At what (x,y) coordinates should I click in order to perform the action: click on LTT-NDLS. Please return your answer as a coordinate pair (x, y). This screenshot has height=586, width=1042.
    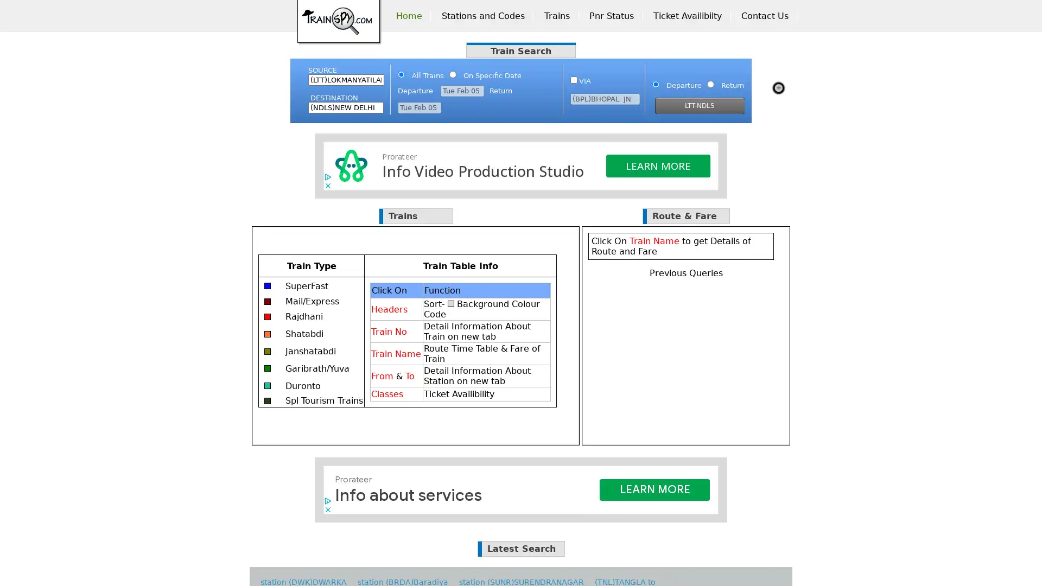
    Looking at the image, I should click on (700, 106).